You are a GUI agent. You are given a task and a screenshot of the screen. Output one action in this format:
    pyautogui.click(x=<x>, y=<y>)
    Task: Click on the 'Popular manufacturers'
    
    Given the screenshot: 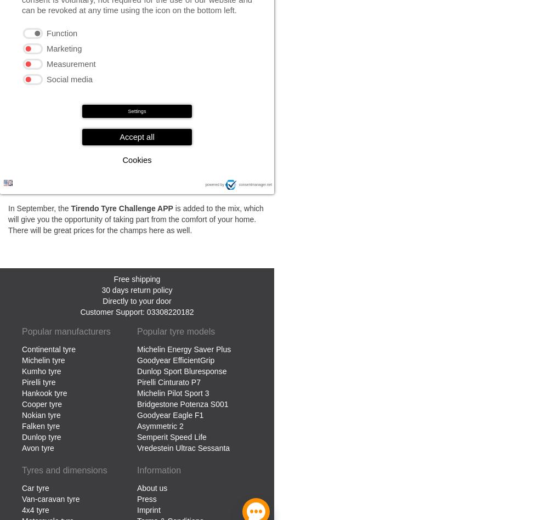 What is the action you would take?
    pyautogui.click(x=65, y=330)
    